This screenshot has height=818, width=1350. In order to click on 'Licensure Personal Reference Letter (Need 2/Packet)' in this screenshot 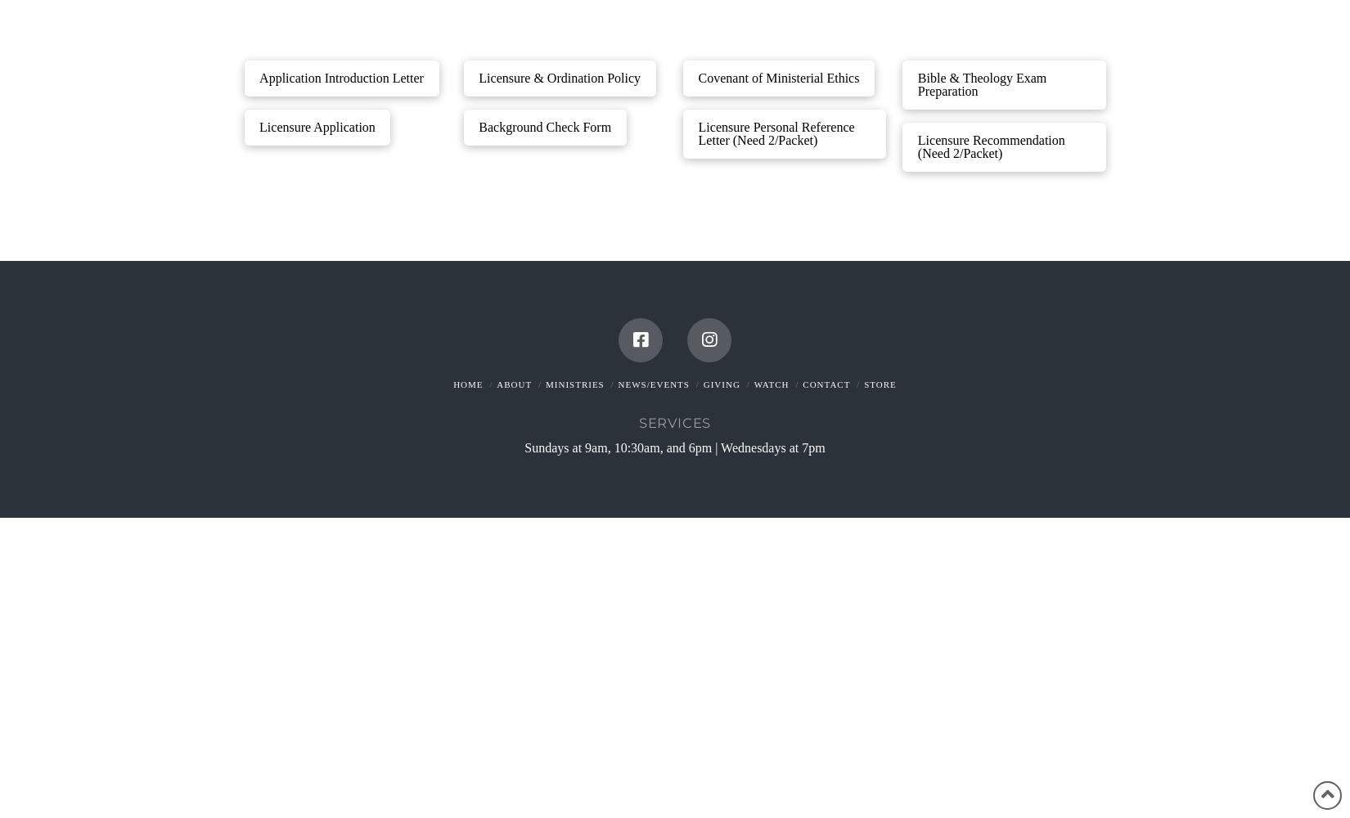, I will do `click(776, 133)`.